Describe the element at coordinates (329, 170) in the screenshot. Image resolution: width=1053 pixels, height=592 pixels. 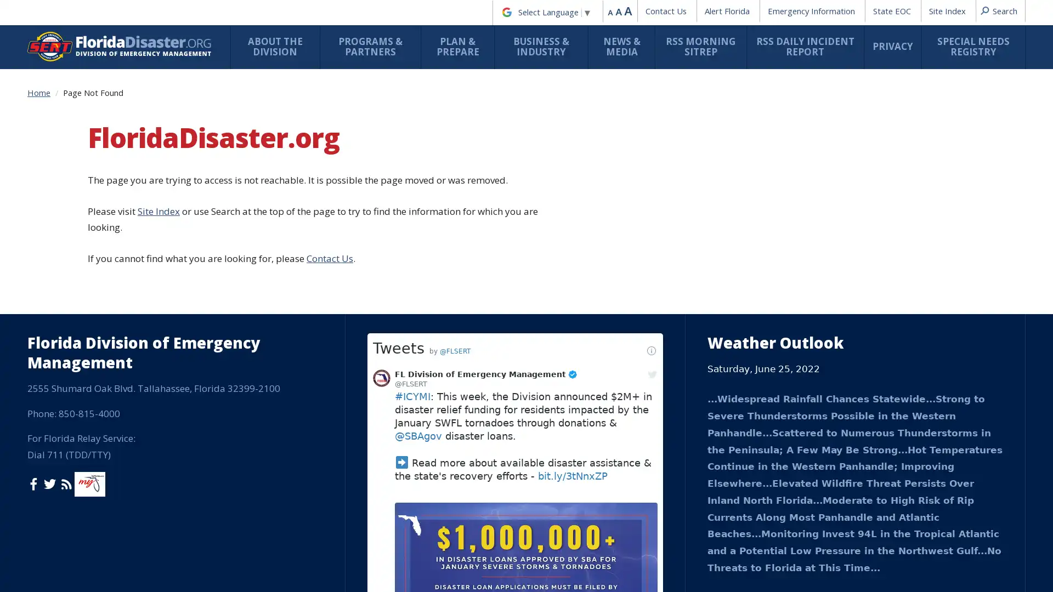
I see `Toggle More` at that location.